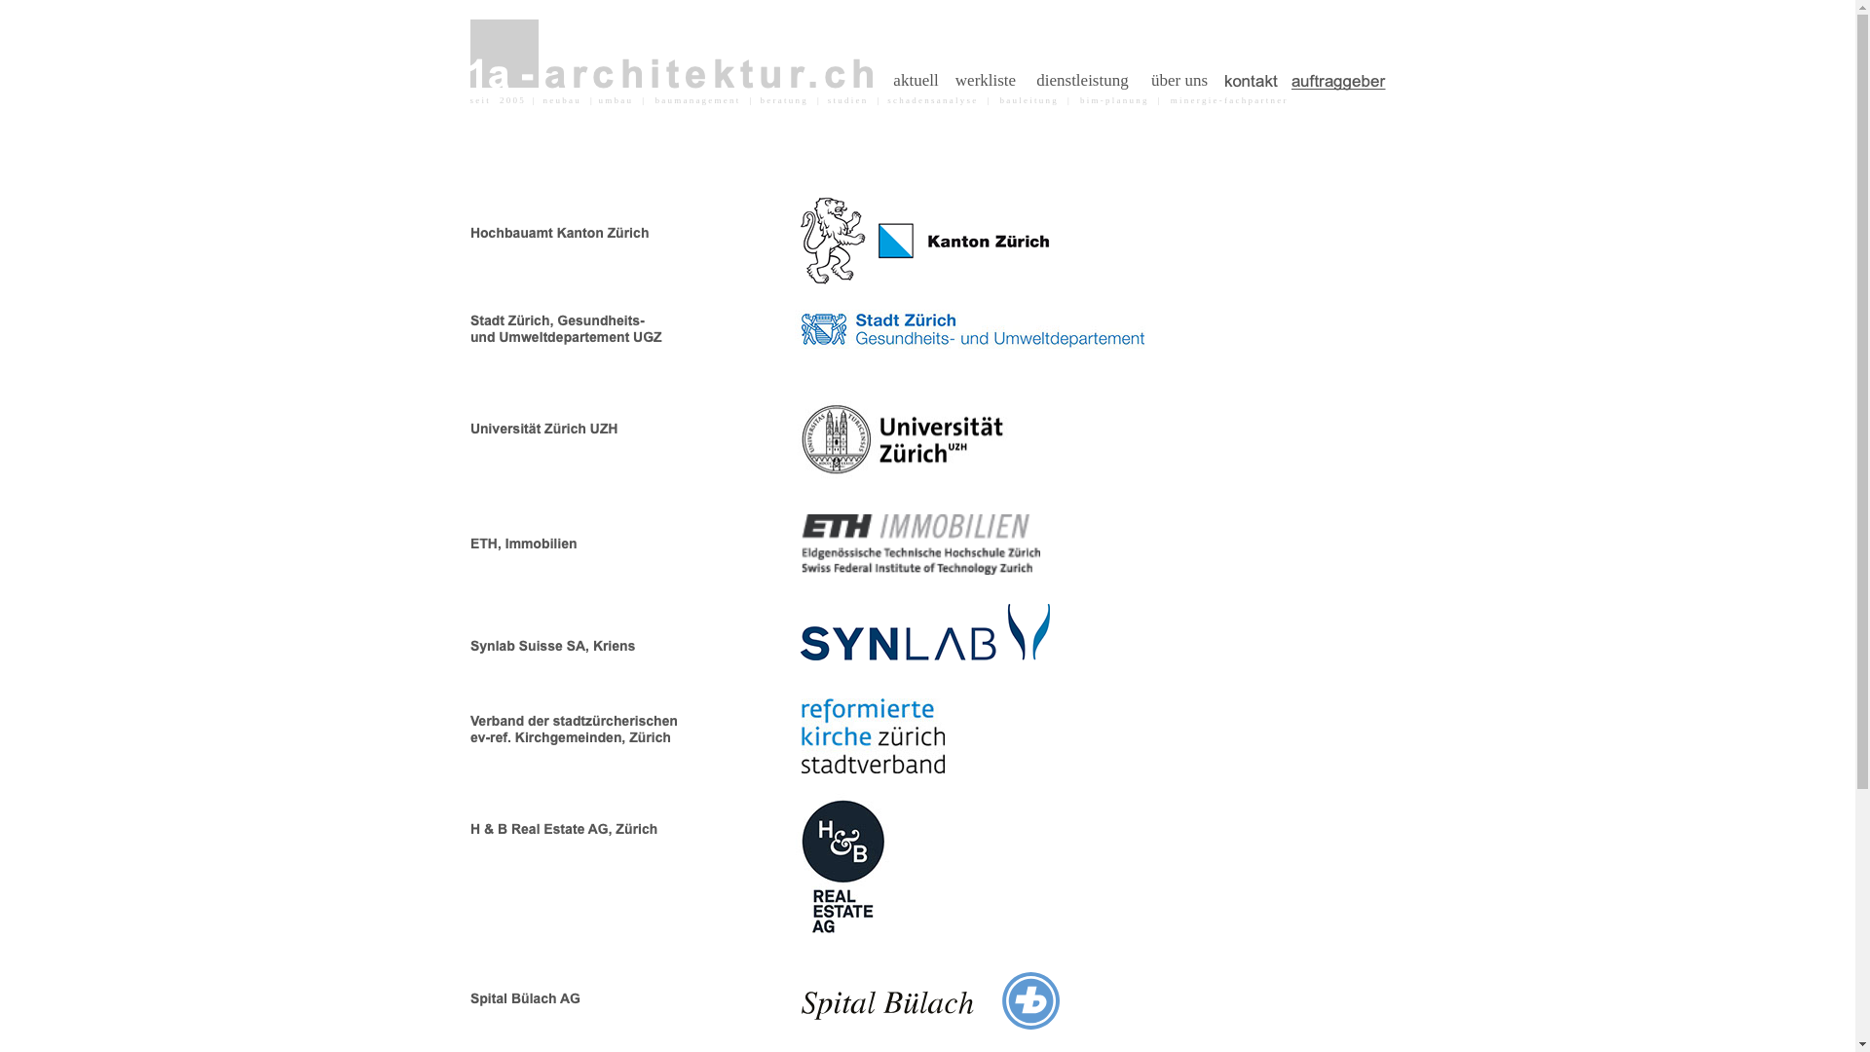 This screenshot has height=1052, width=1870. What do you see at coordinates (986, 80) in the screenshot?
I see `'werkliste'` at bounding box center [986, 80].